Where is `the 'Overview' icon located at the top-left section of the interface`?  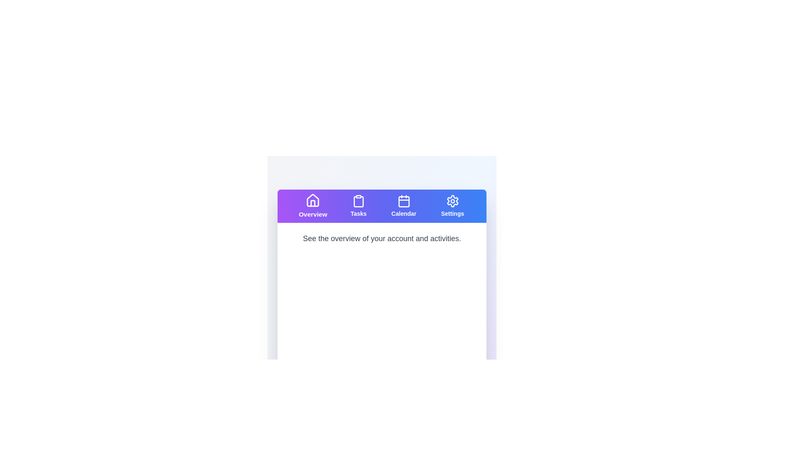 the 'Overview' icon located at the top-left section of the interface is located at coordinates (312, 201).